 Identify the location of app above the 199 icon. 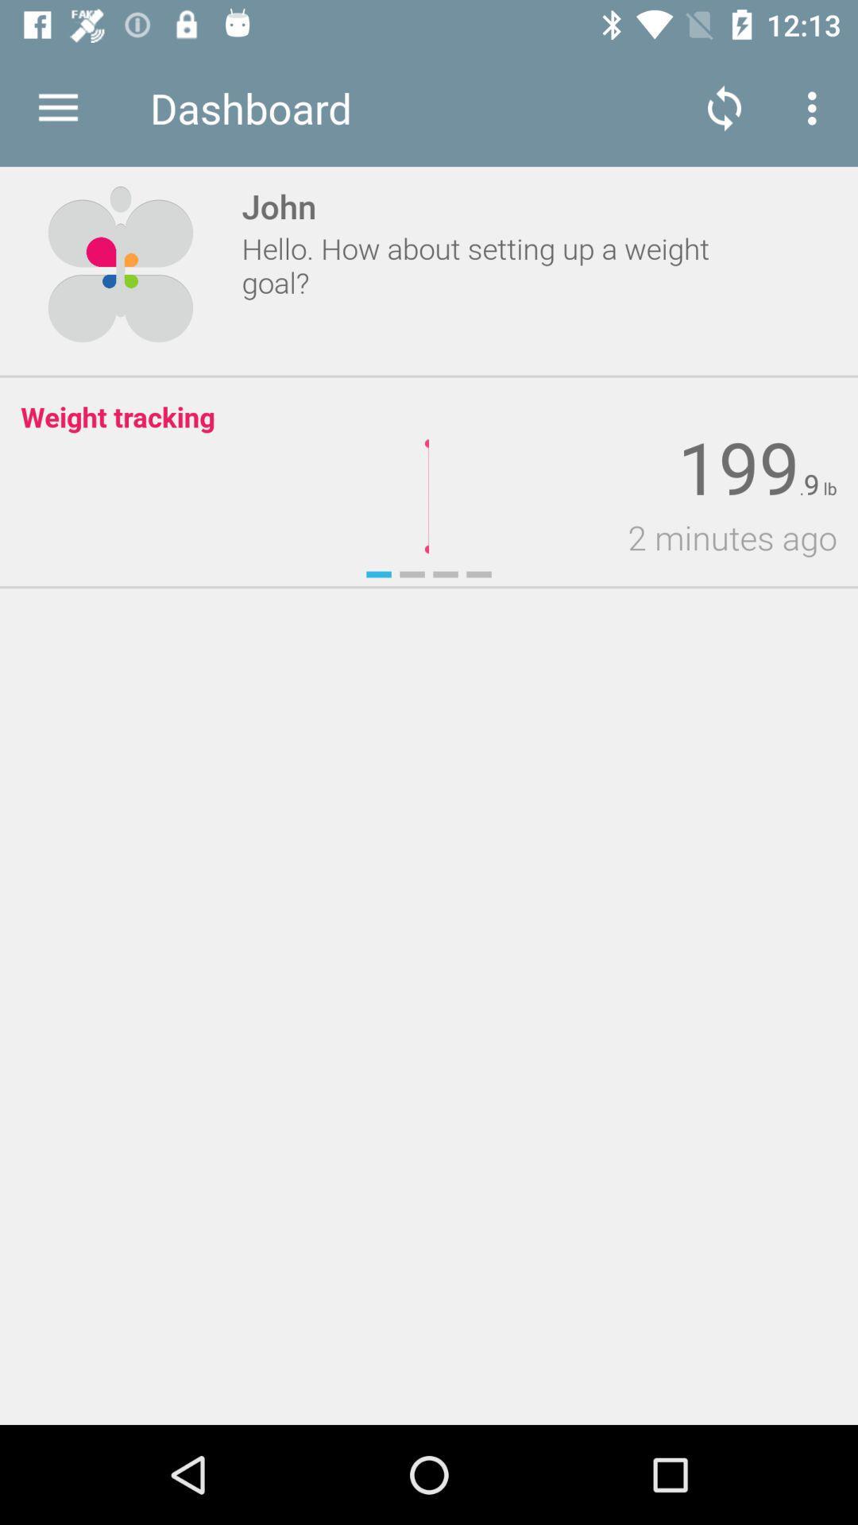
(816, 107).